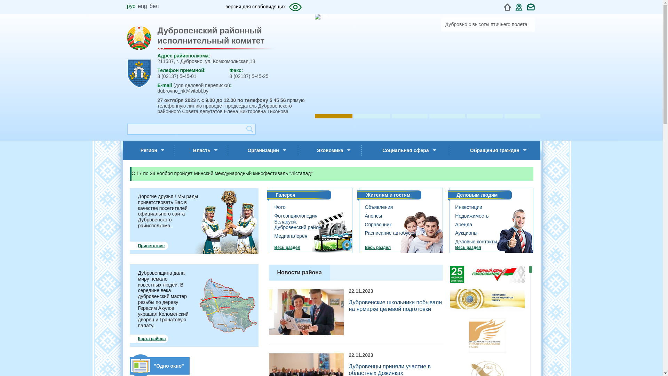 This screenshot has height=376, width=668. I want to click on 'eng', so click(142, 6).